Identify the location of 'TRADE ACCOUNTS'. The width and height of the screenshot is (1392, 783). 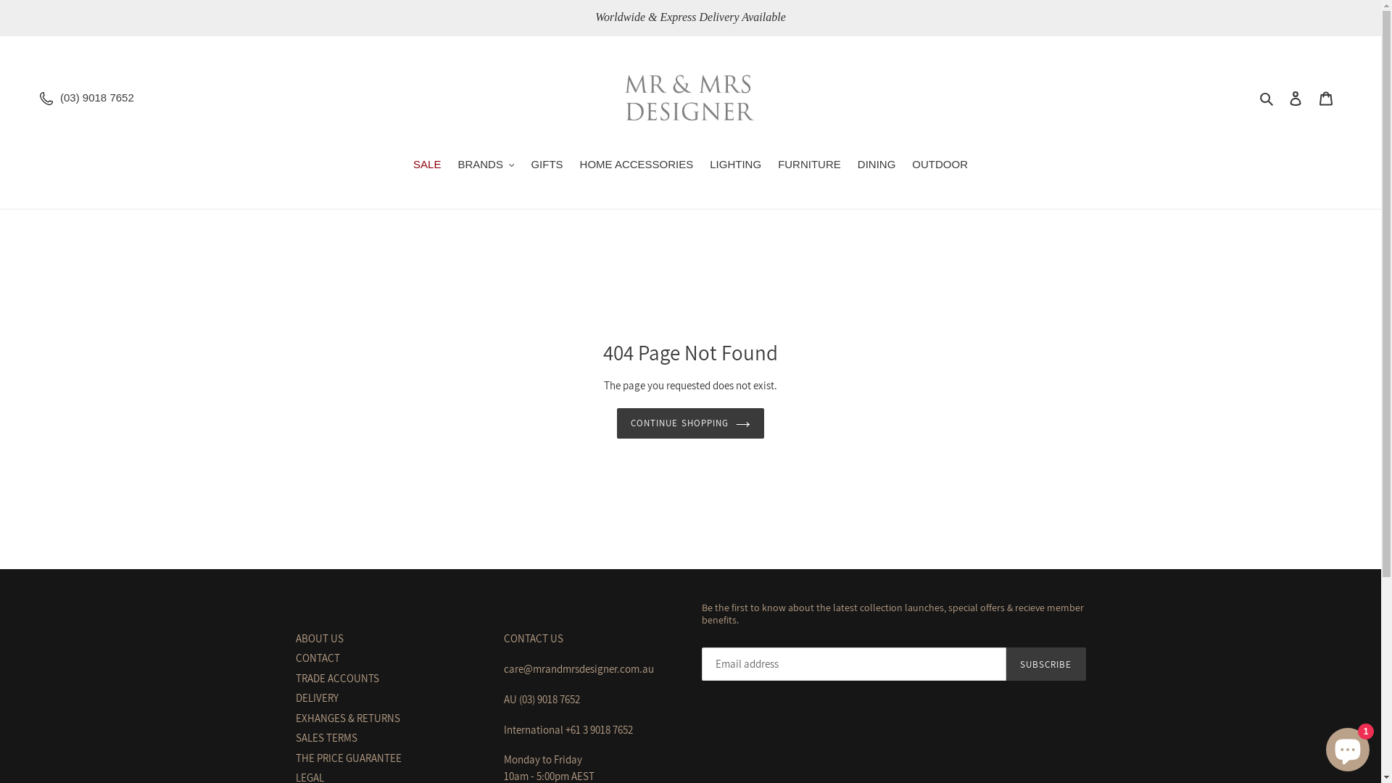
(295, 678).